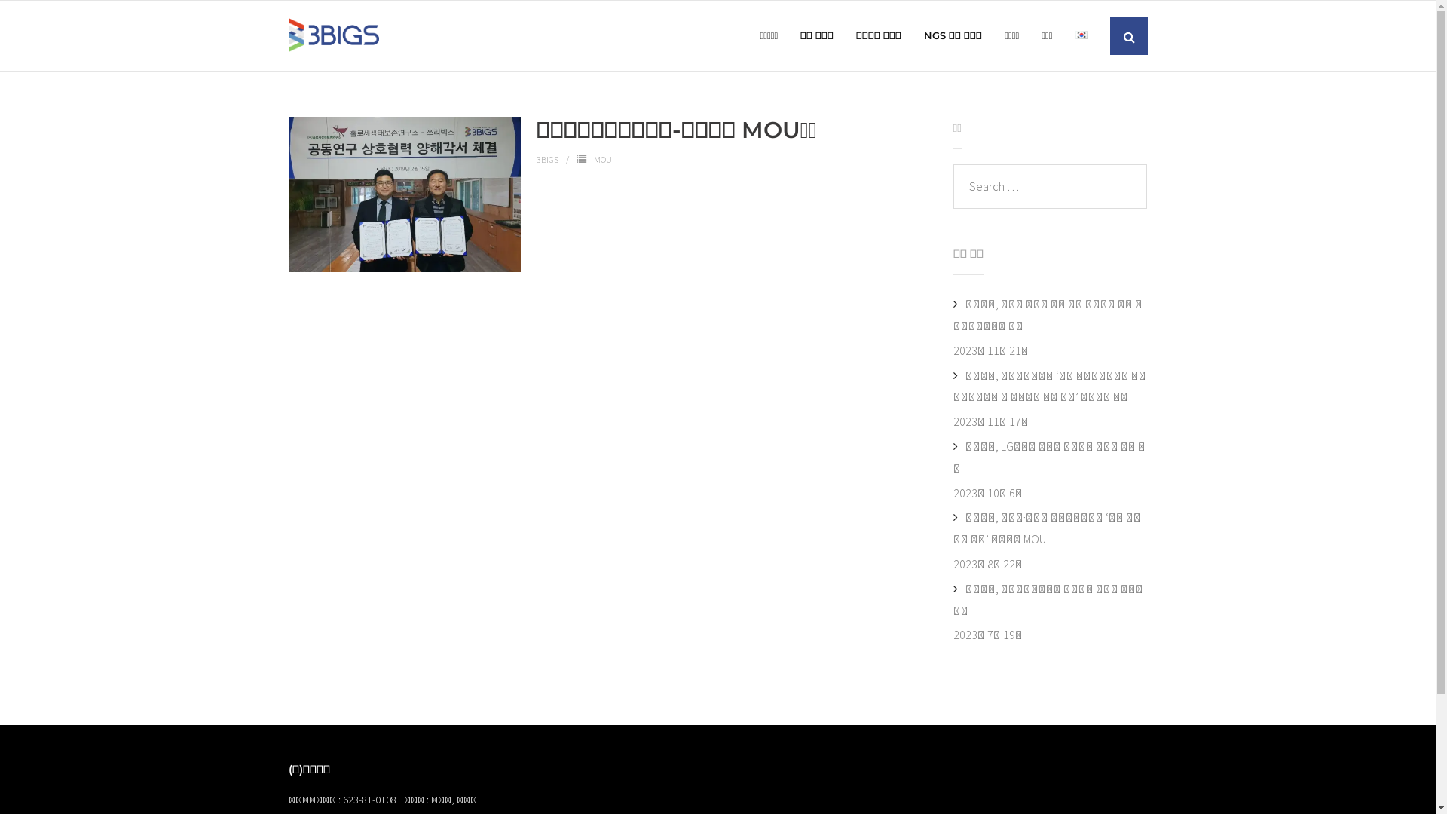  I want to click on 'Search', so click(39, 22).